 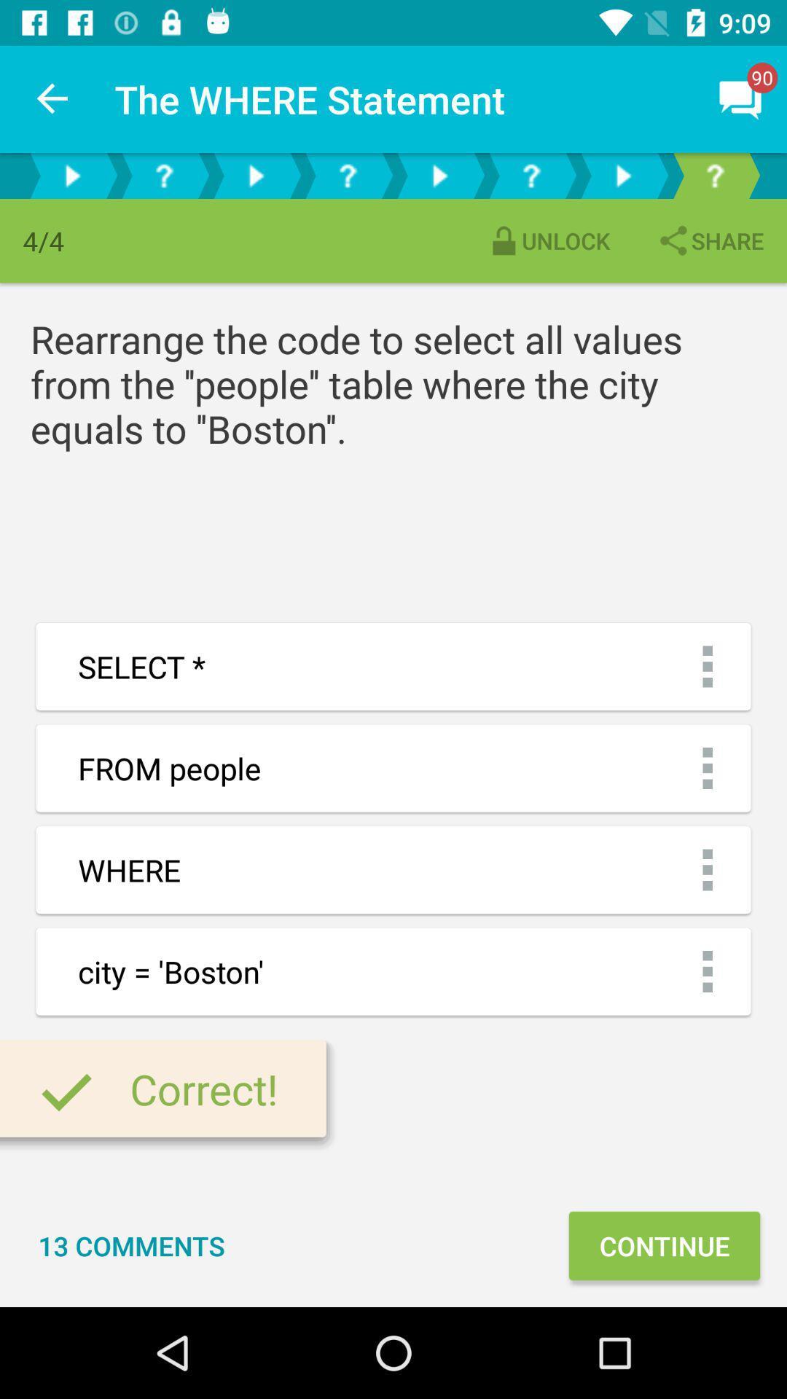 What do you see at coordinates (531, 175) in the screenshot?
I see `the help icon` at bounding box center [531, 175].